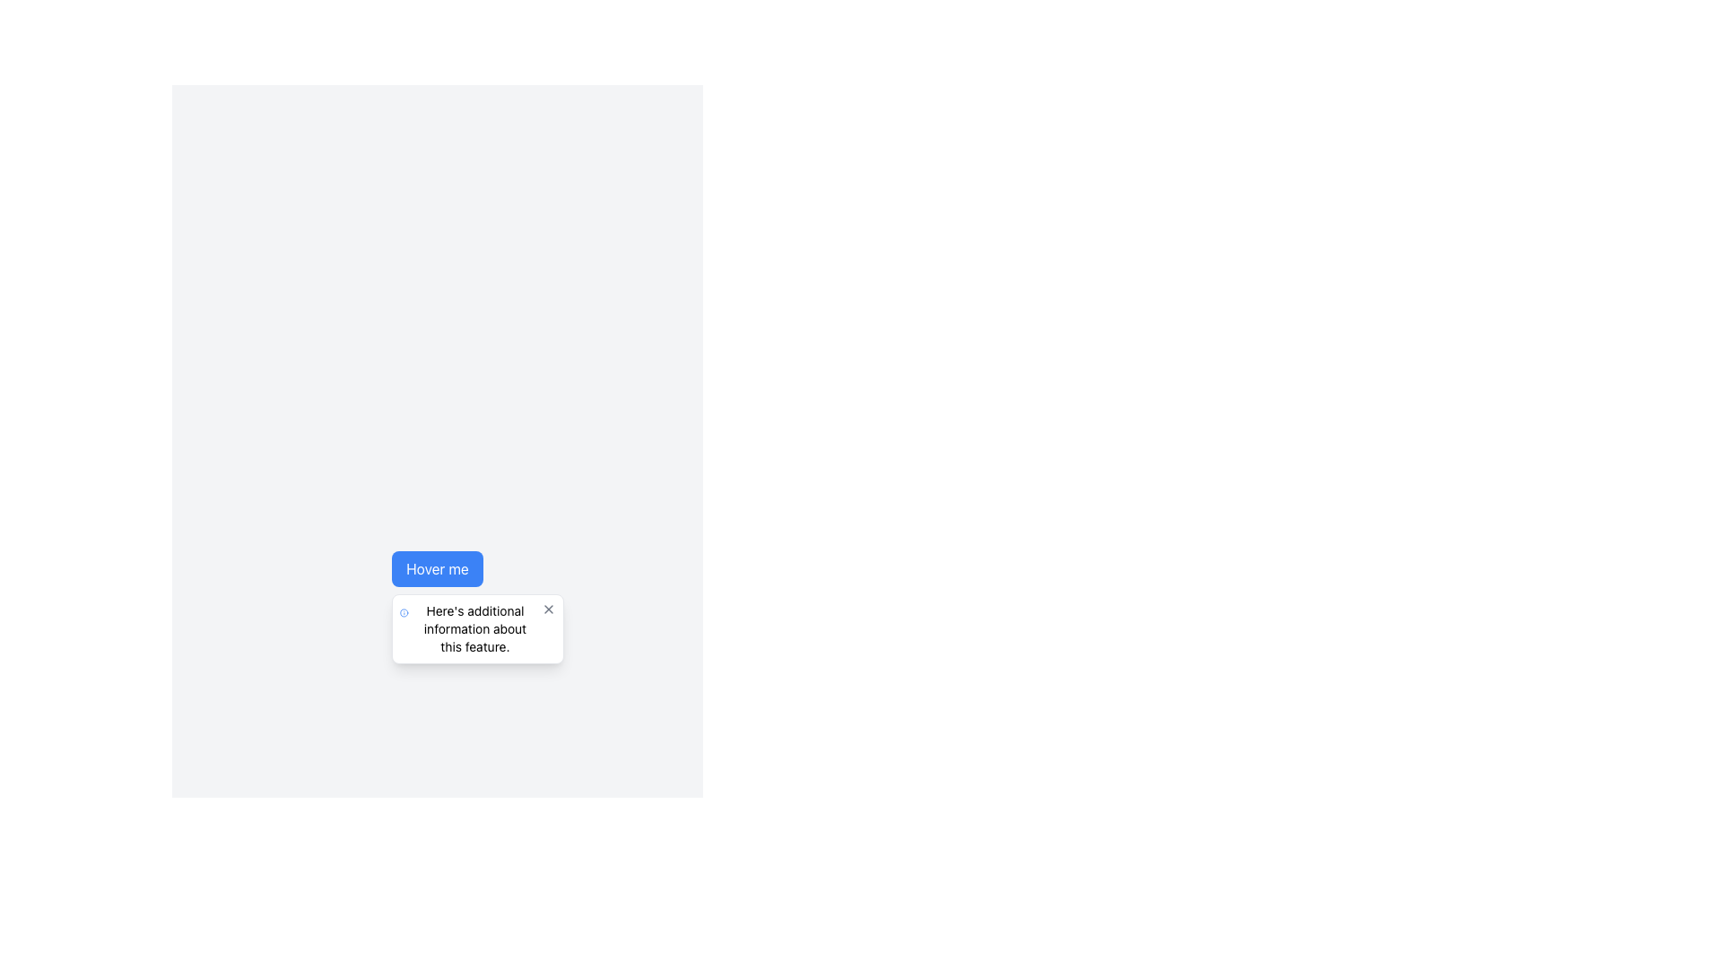  What do you see at coordinates (548, 608) in the screenshot?
I see `the button featuring a cross icon, which is styled gray and changes to red on hover, located next to the text block with the message 'Here's additional information about this feature.'` at bounding box center [548, 608].